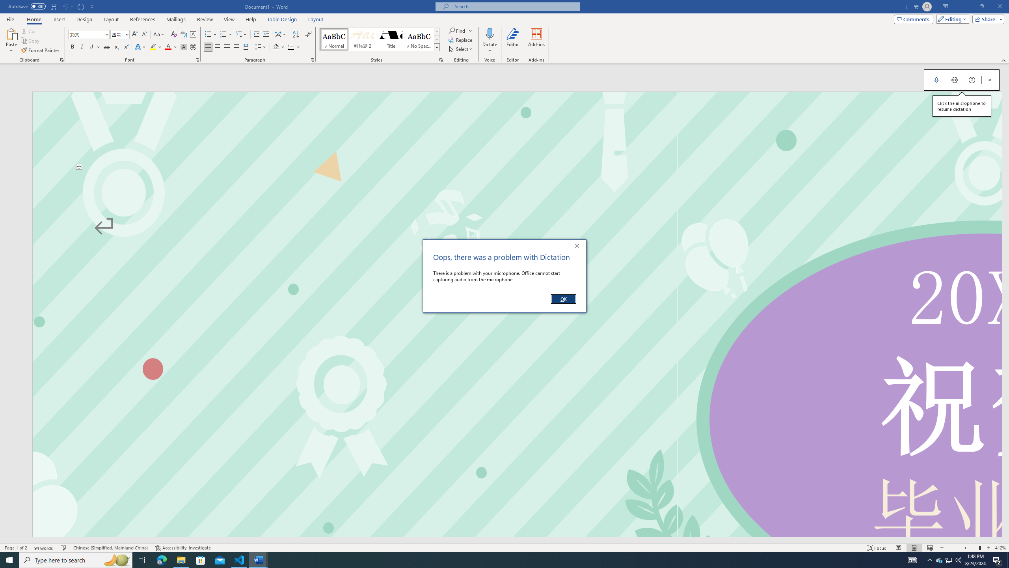  I want to click on 'Page Number Page 1 of 2', so click(16, 548).